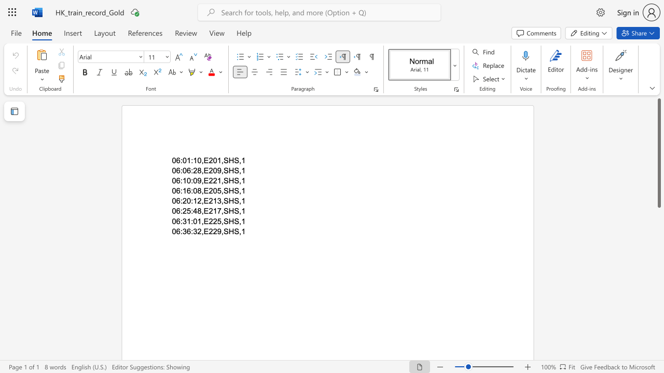  I want to click on the scrollbar to move the content lower, so click(658, 268).